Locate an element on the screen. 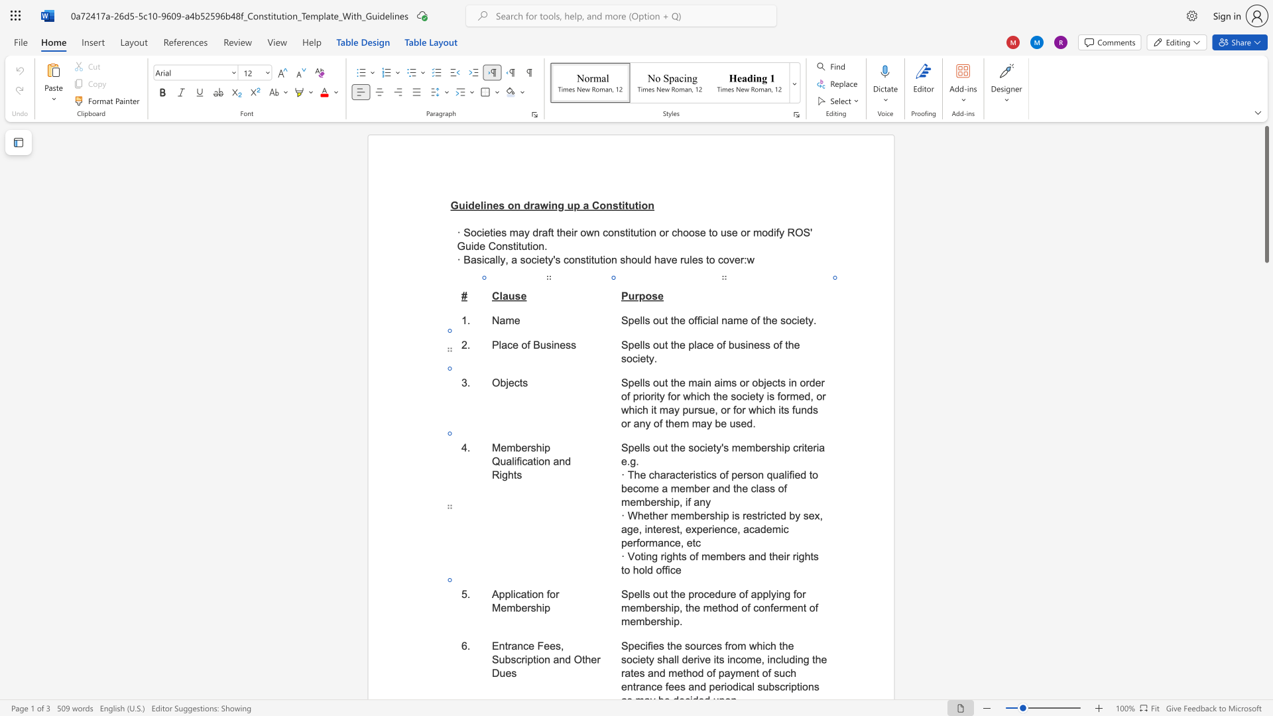 This screenshot has height=716, width=1273. the space between the continuous character "i" and "o" in the text is located at coordinates (532, 593).